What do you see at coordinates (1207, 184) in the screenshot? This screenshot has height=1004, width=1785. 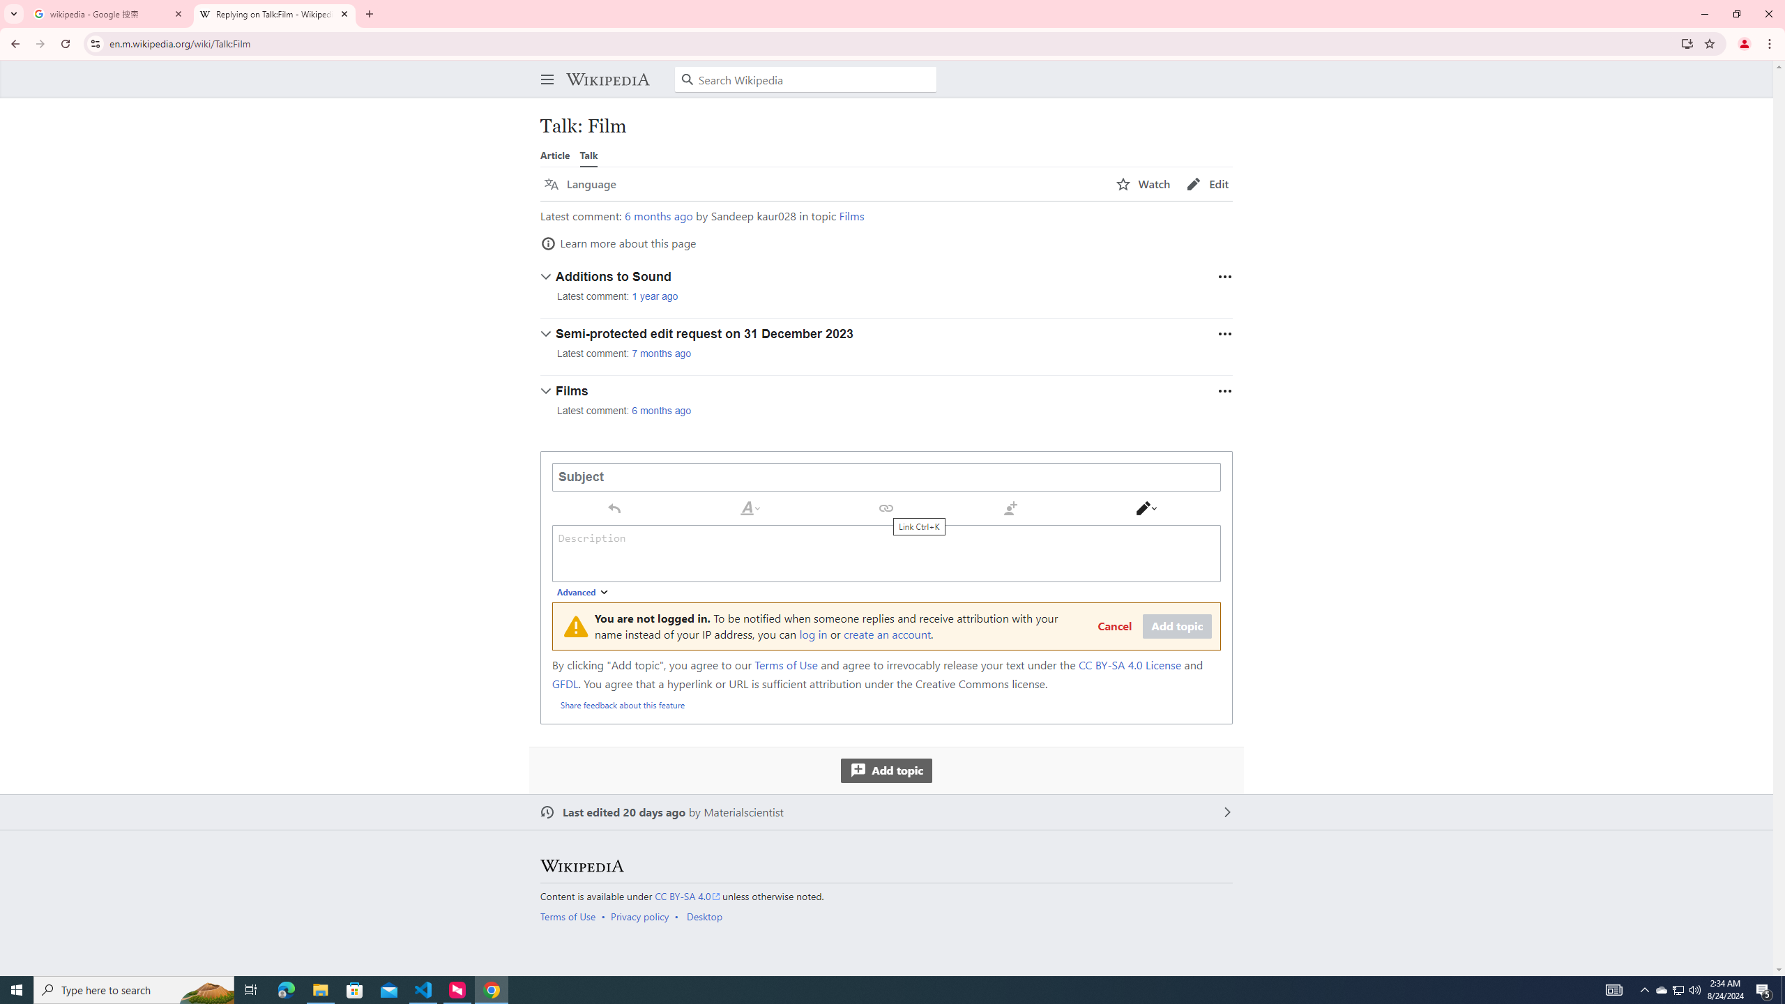 I see `'Edit'` at bounding box center [1207, 184].